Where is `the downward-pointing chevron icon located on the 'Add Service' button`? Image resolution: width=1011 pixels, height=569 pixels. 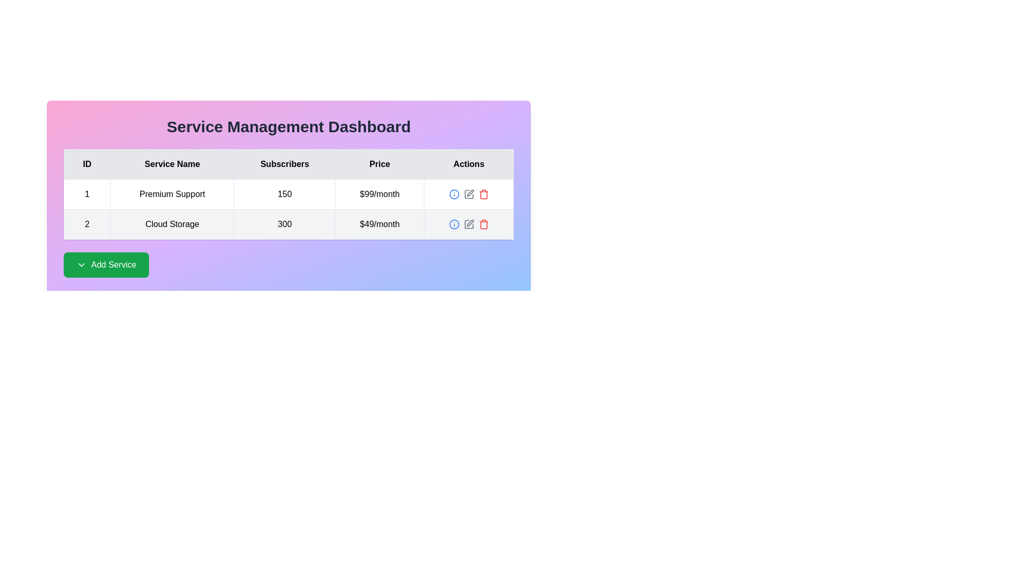
the downward-pointing chevron icon located on the 'Add Service' button is located at coordinates (81, 264).